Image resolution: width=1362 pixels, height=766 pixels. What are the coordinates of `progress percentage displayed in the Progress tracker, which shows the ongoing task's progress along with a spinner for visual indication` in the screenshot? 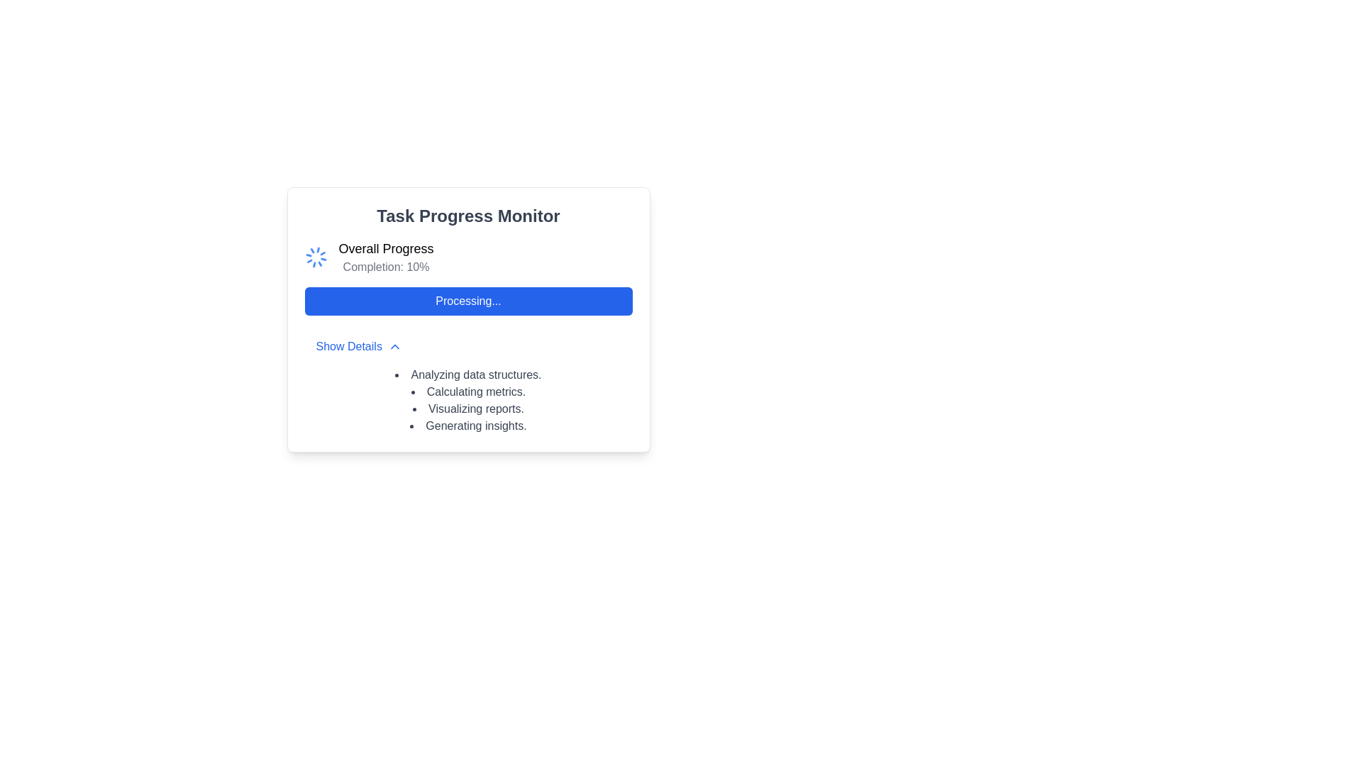 It's located at (468, 257).